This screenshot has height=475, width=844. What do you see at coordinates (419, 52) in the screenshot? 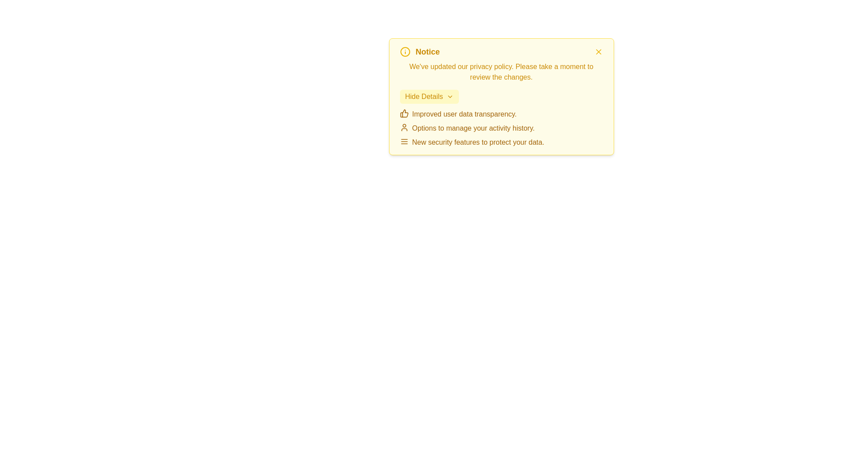
I see `title of the notification box located at the top-left corner, which provides context about the notification's purpose` at bounding box center [419, 52].